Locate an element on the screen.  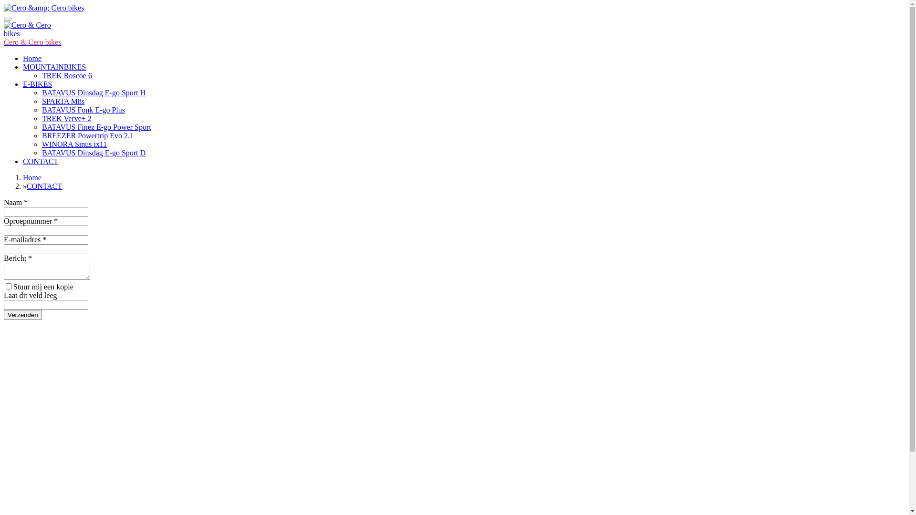
'CONTACT' is located at coordinates (43, 186).